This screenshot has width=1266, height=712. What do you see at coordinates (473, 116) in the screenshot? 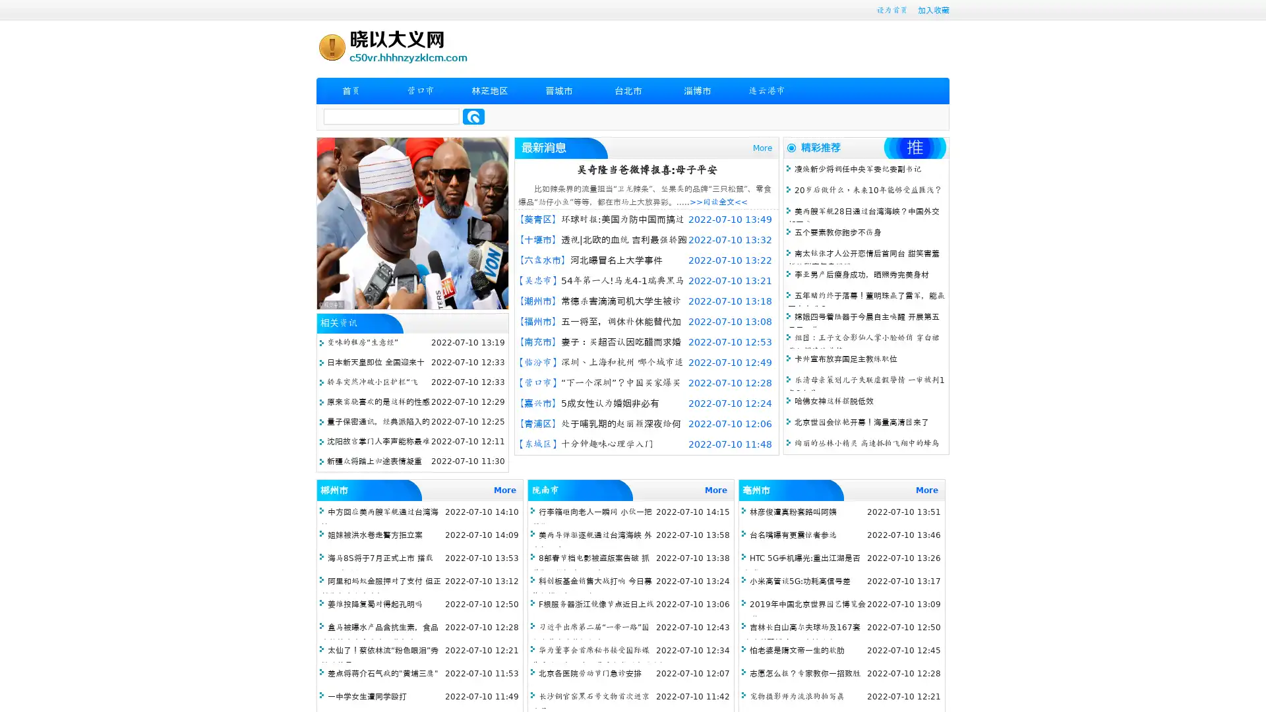
I see `Search` at bounding box center [473, 116].